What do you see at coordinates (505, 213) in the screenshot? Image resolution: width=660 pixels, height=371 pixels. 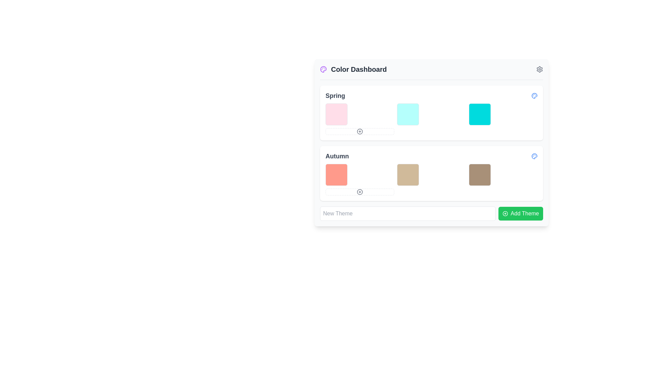 I see `the circular icon with a cross inside it, which is styled with a green background and located at the bottom-right corner of the 'Add Theme' button` at bounding box center [505, 213].